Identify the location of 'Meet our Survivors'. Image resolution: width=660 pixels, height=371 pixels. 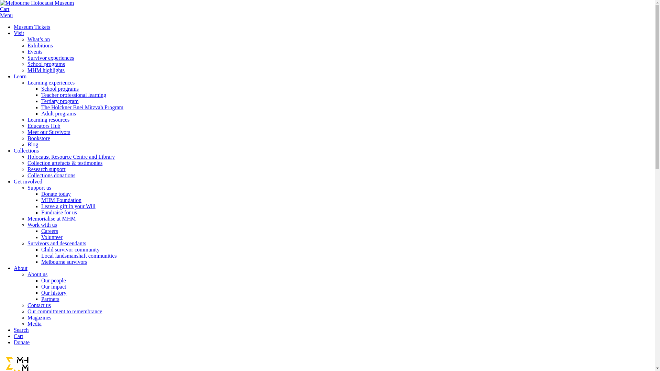
(48, 132).